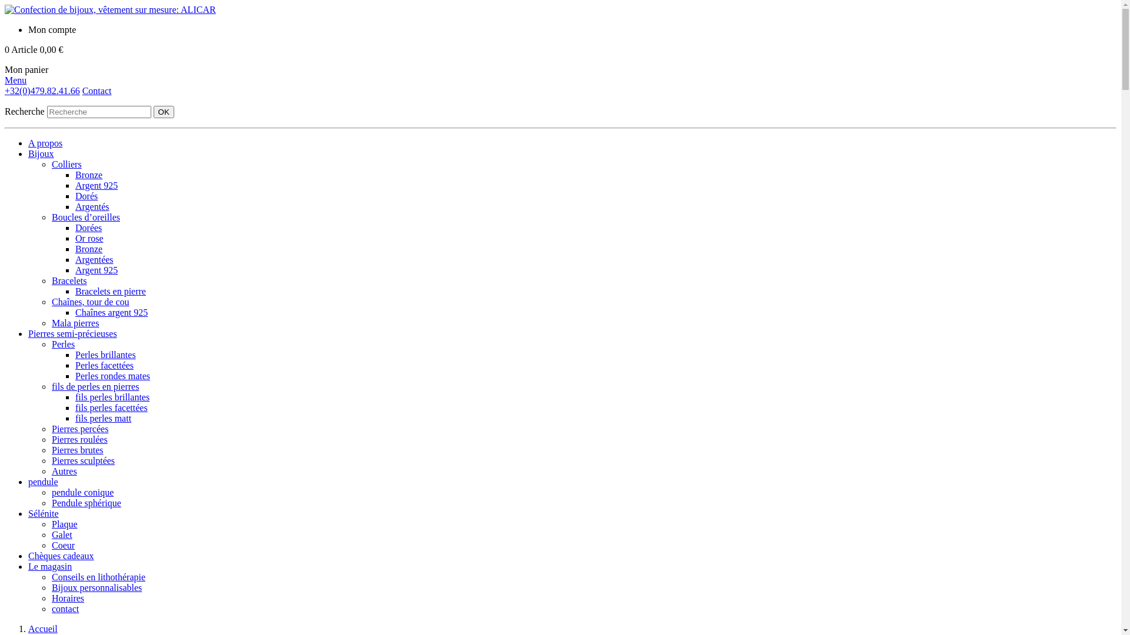 This screenshot has height=635, width=1130. What do you see at coordinates (42, 90) in the screenshot?
I see `'+32(0)479.82.41.66'` at bounding box center [42, 90].